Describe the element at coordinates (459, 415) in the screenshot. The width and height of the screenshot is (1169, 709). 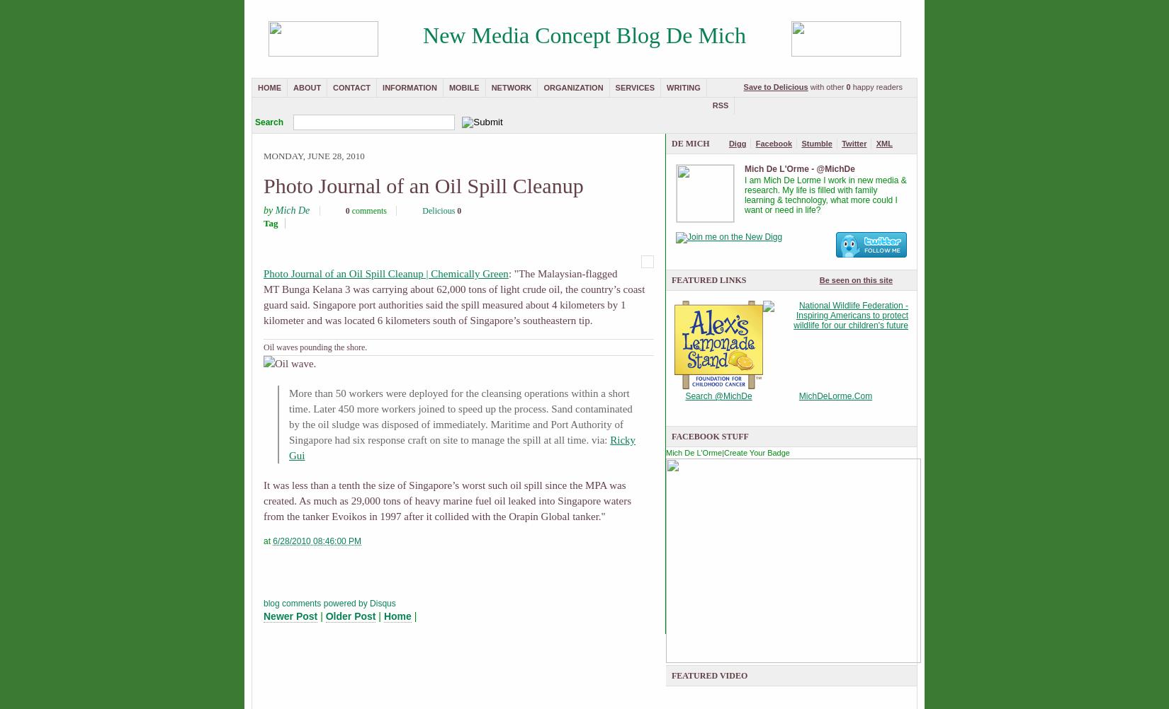
I see `'More than 50 workers were deployed for the cleansing  operations within a short time. Later 450 more workers joined to speed  up the process. Sand contaminated by the oil sludge was disposed of  immediately. Maritime and Port Authority of Singapore had six response  craft on site to manage the spill at all time. via:'` at that location.